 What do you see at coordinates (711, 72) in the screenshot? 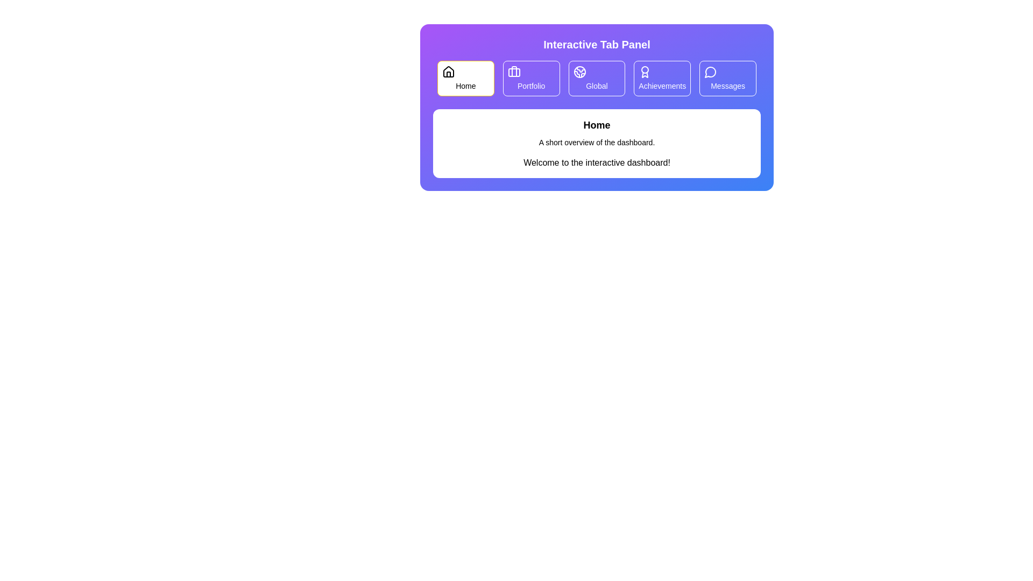
I see `the circular speech bubble outline icon associated with the 'Messages' button located in the upper-right section of the interactive tab panel` at bounding box center [711, 72].